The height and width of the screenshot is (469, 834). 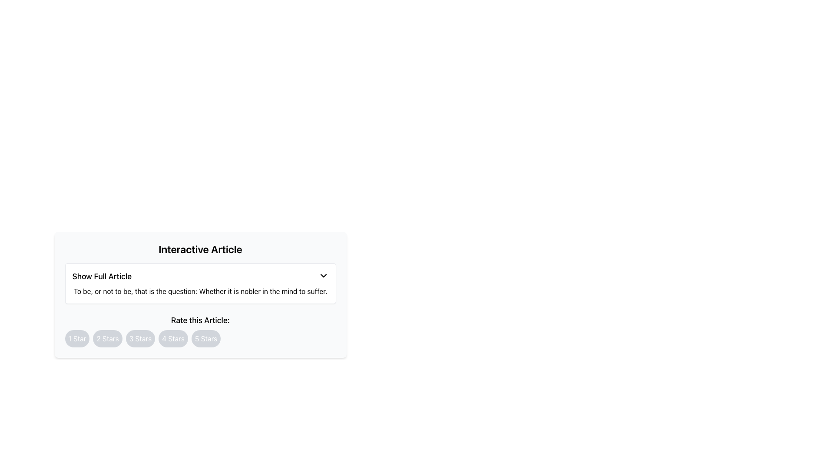 What do you see at coordinates (200, 320) in the screenshot?
I see `the text label 'Rate this Article:' which is prominently displayed in bold, large font above the star rating buttons` at bounding box center [200, 320].